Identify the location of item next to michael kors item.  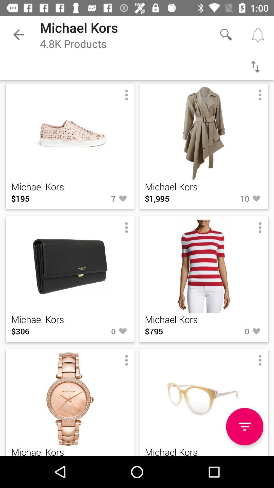
(100, 456).